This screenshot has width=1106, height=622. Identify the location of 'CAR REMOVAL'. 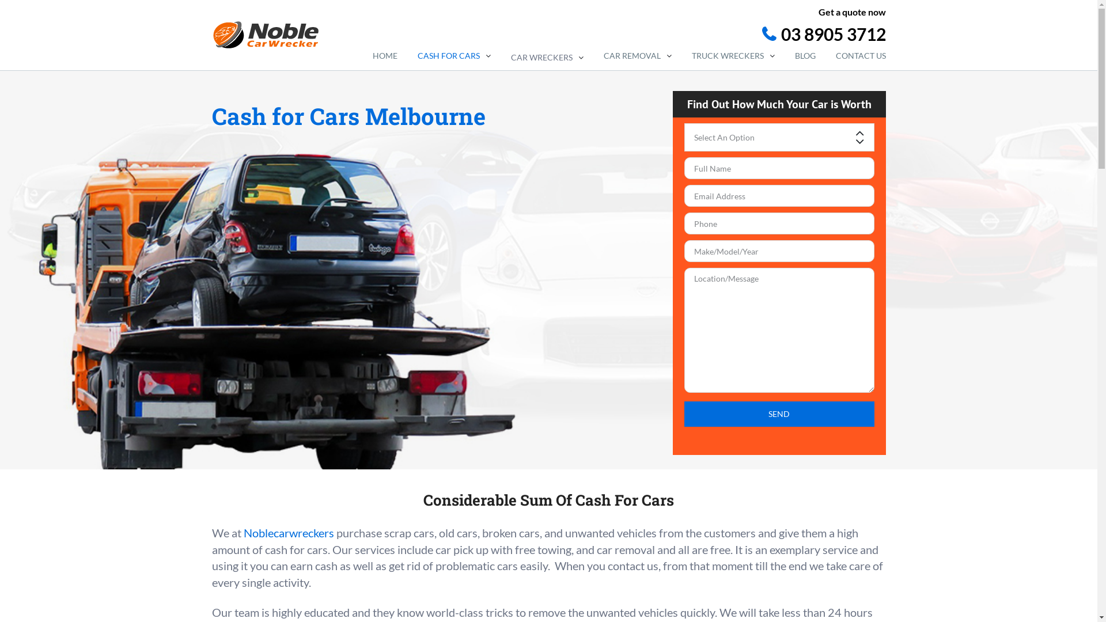
(637, 55).